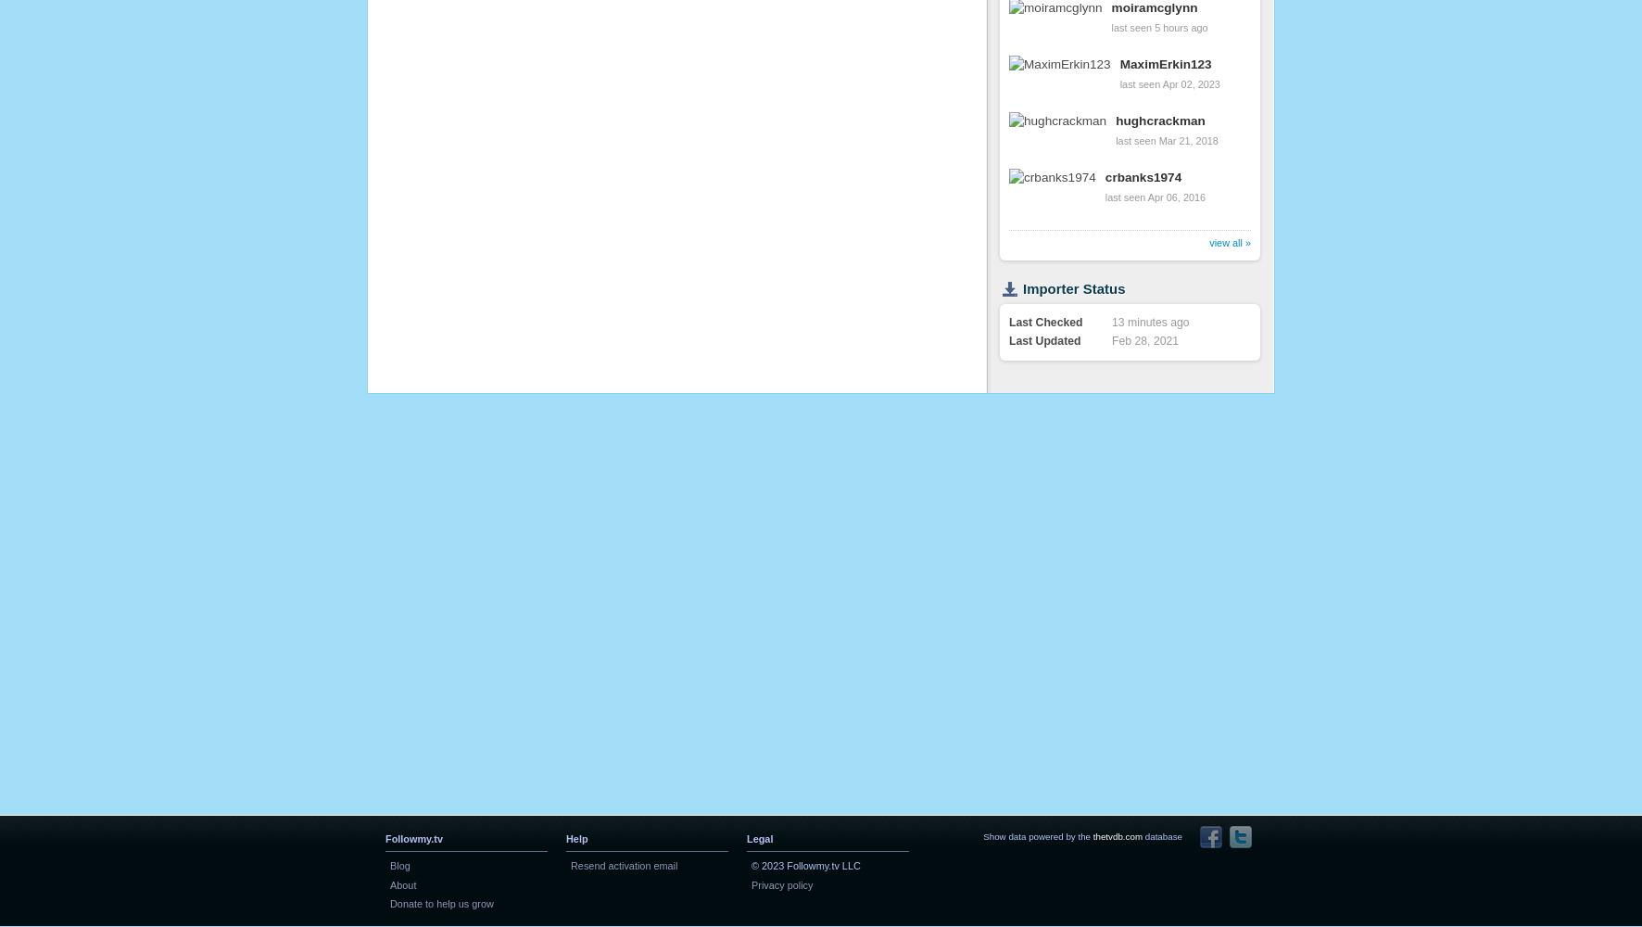  I want to click on 'last seen Apr 06, 2016', so click(1155, 196).